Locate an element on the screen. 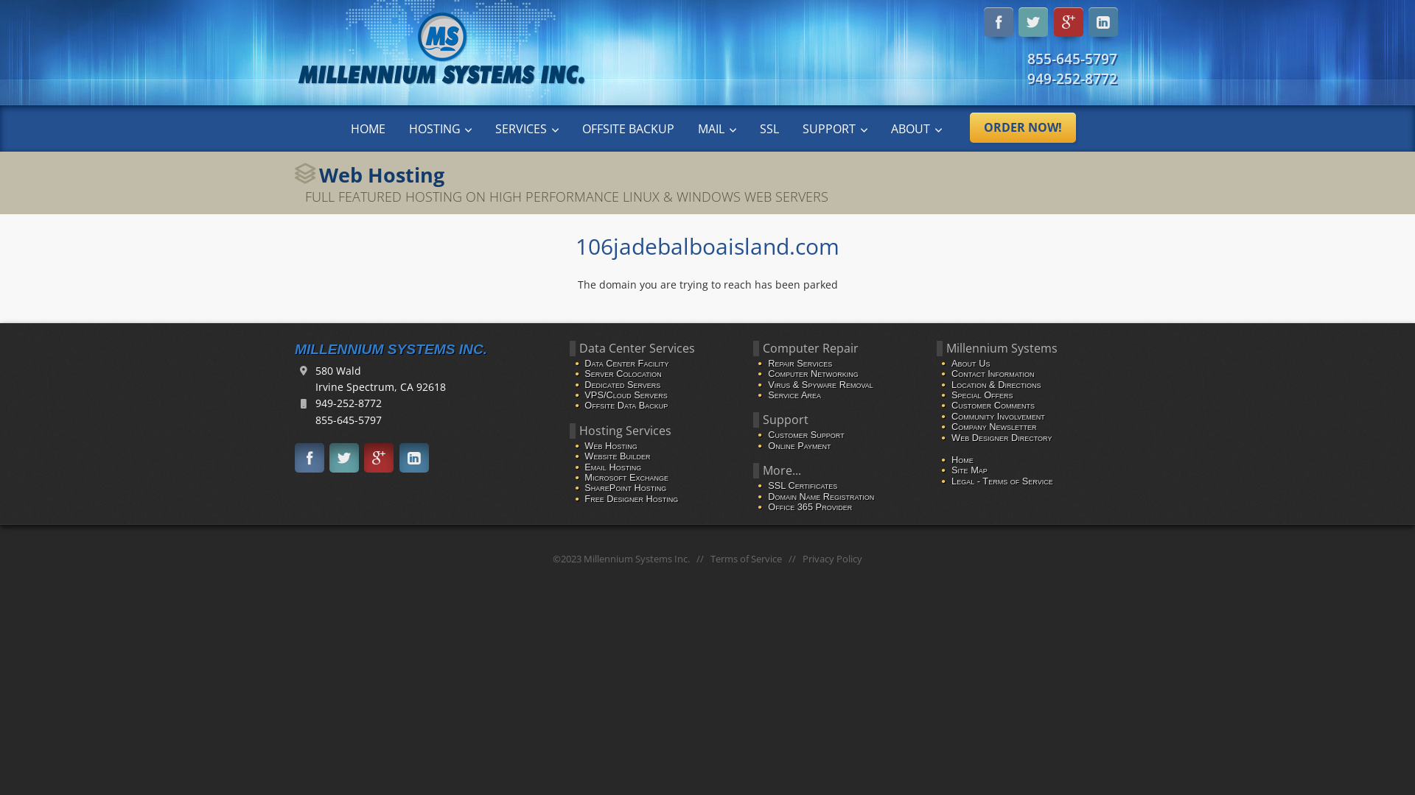 This screenshot has height=795, width=1415. 'Microsoft Exchange' is located at coordinates (626, 477).